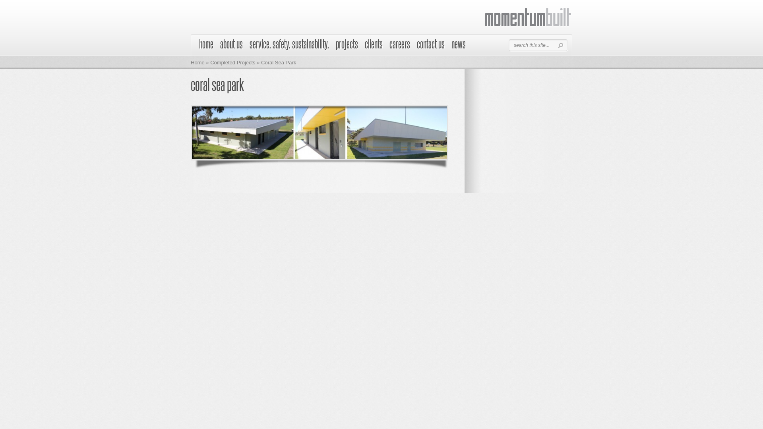  I want to click on 'news', so click(458, 47).